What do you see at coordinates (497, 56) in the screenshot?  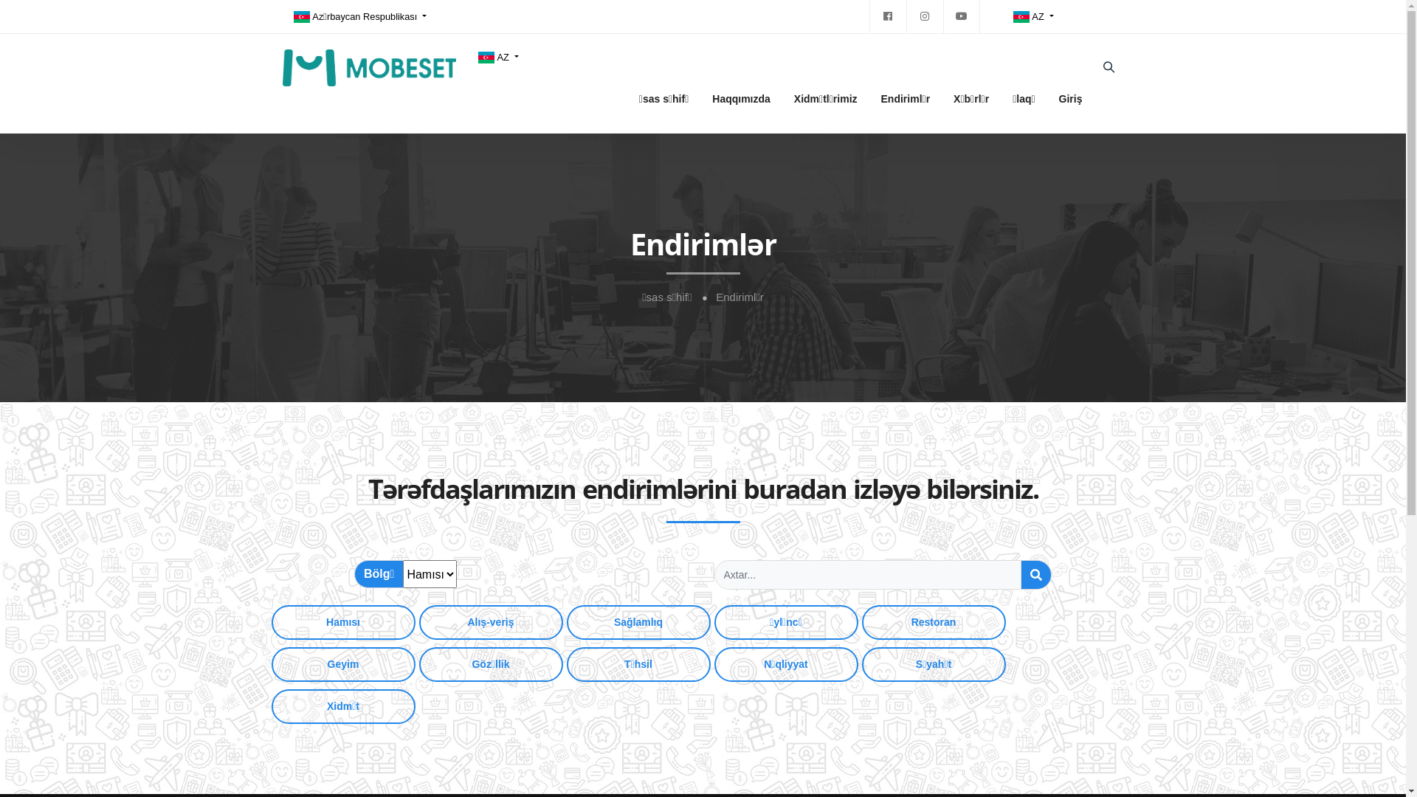 I see `'AZ'` at bounding box center [497, 56].